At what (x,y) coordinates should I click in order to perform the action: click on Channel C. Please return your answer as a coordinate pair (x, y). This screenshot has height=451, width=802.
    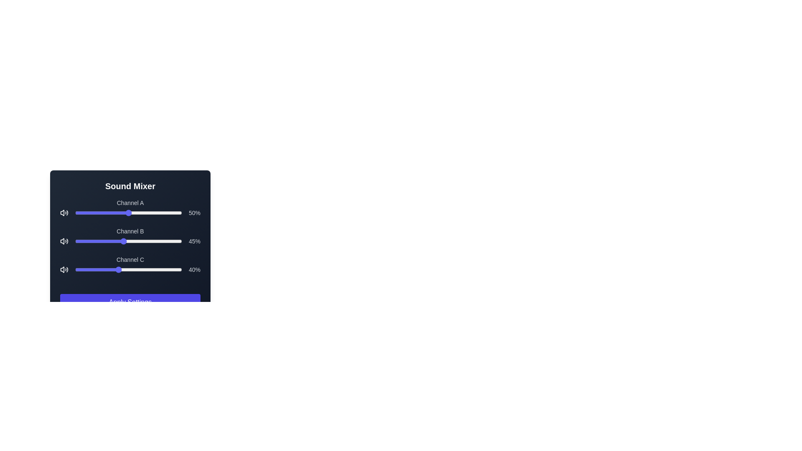
    Looking at the image, I should click on (110, 269).